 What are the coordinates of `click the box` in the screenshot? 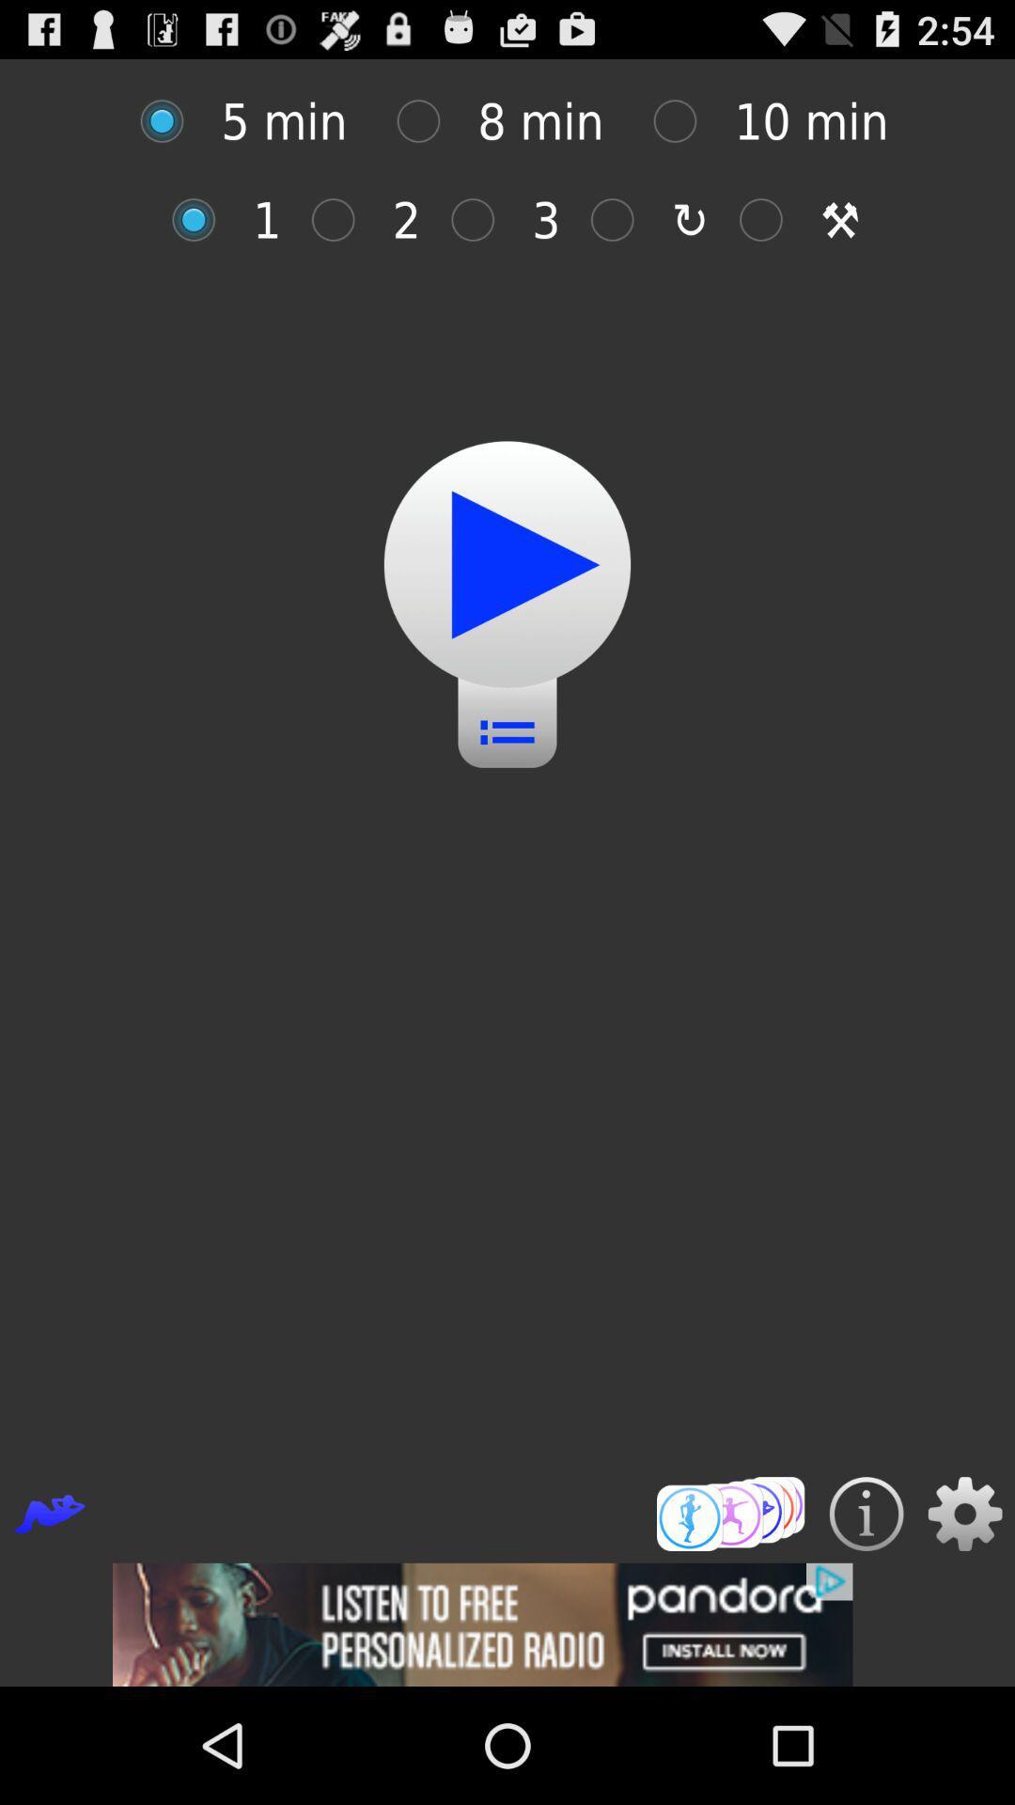 It's located at (428, 120).